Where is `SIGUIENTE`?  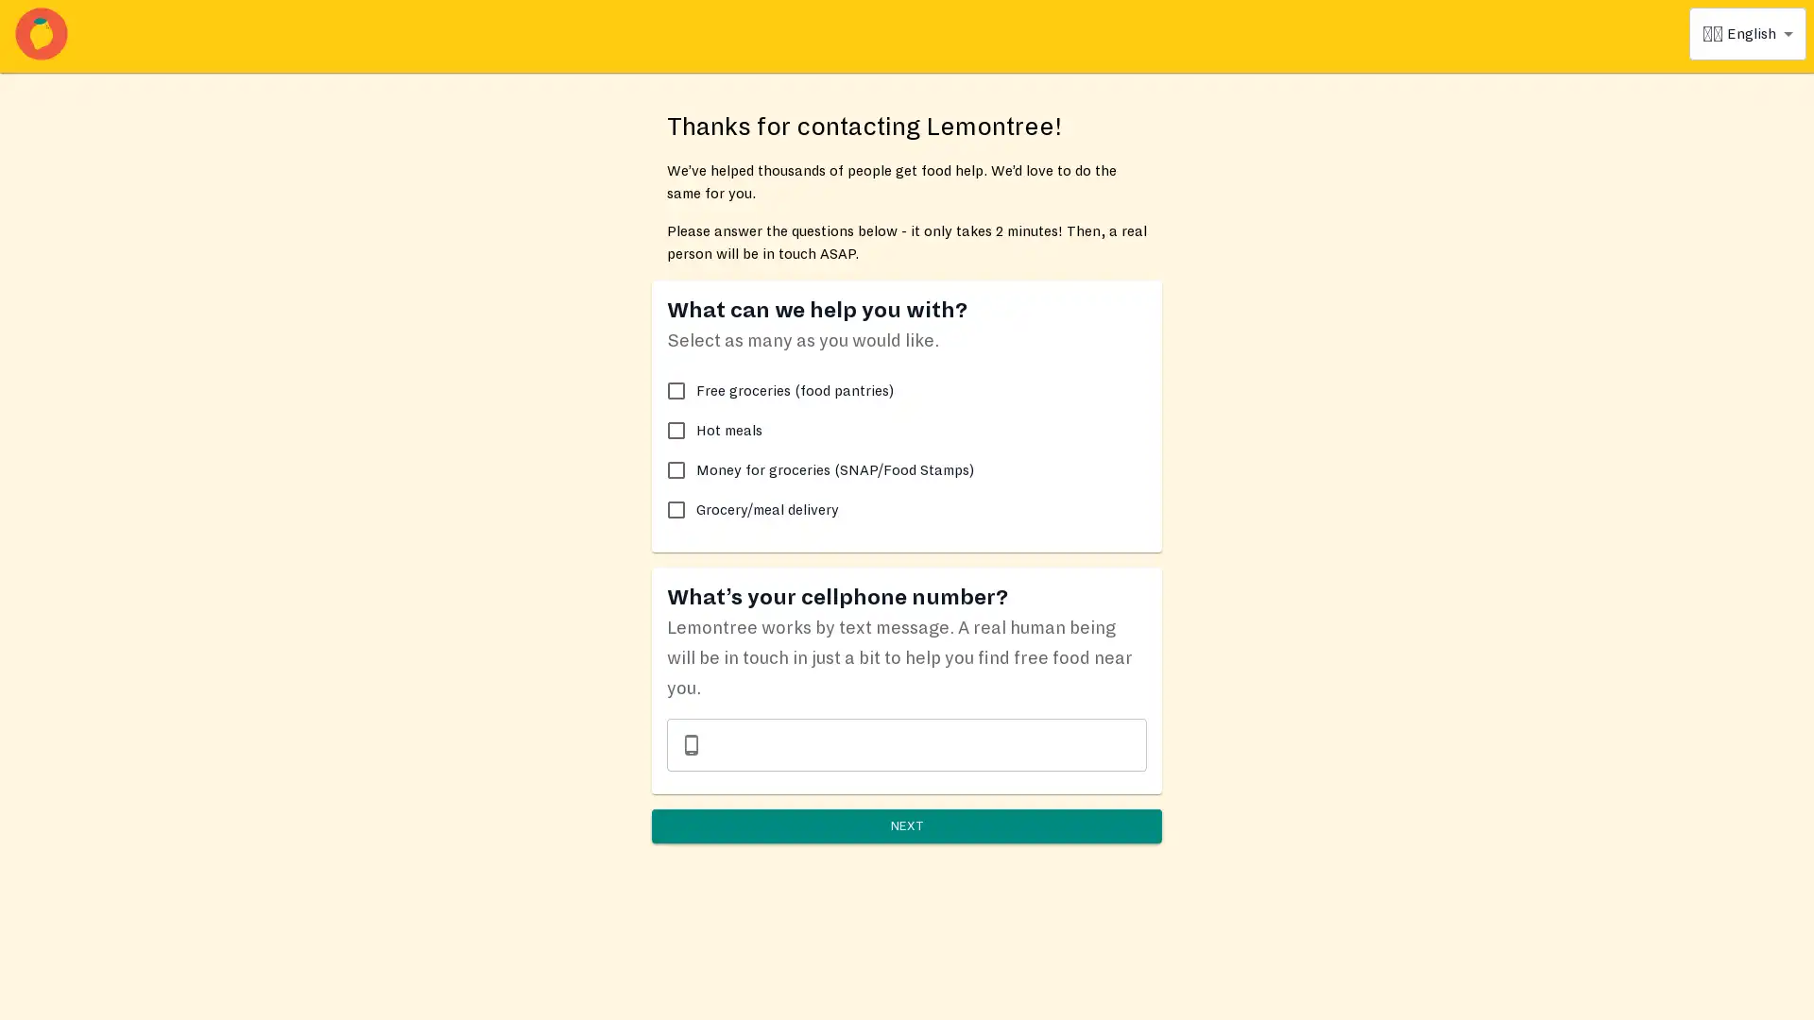
SIGUIENTE is located at coordinates (907, 847).